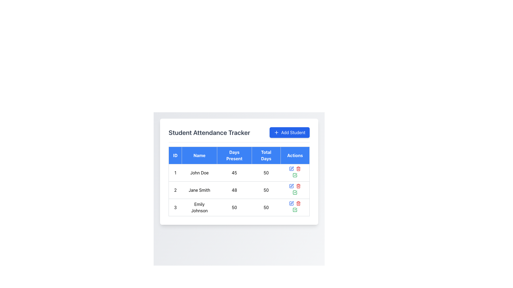 The width and height of the screenshot is (513, 288). What do you see at coordinates (234, 190) in the screenshot?
I see `the 'Days Present' text display for 'Jane Smith' located in the second row of the table` at bounding box center [234, 190].